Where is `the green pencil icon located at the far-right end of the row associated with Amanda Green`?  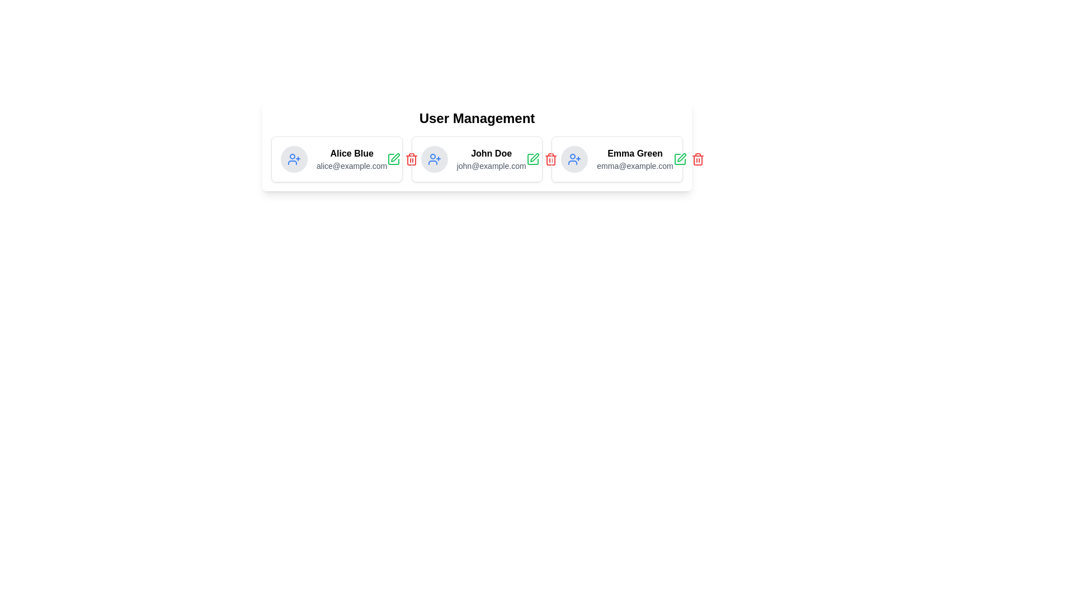 the green pencil icon located at the far-right end of the row associated with Amanda Green is located at coordinates (688, 159).